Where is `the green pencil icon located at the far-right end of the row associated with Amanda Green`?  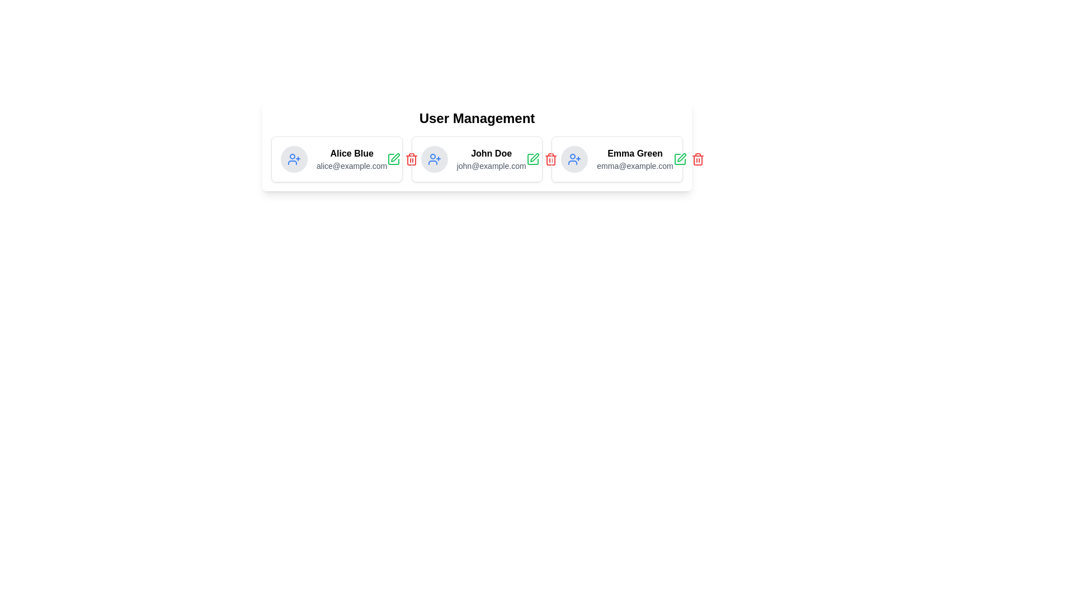 the green pencil icon located at the far-right end of the row associated with Amanda Green is located at coordinates (688, 159).